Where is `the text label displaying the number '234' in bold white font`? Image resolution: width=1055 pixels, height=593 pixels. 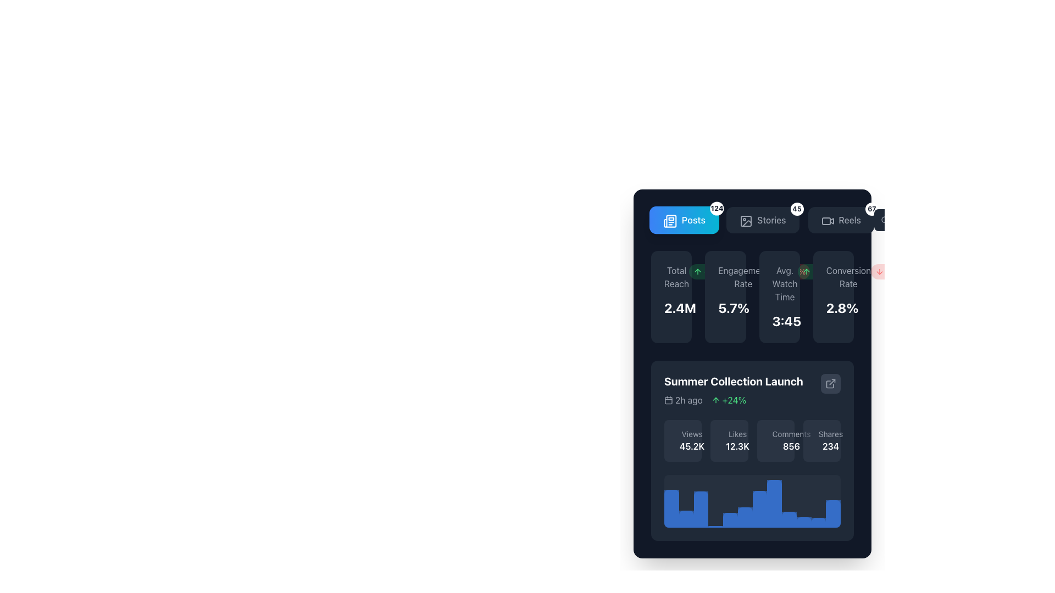
the text label displaying the number '234' in bold white font is located at coordinates (831, 446).